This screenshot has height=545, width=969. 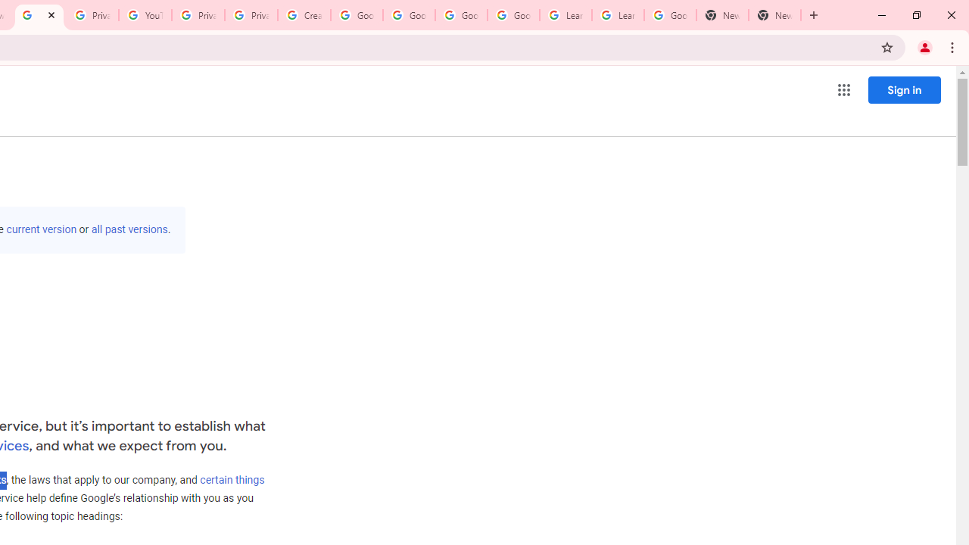 I want to click on 'New Tab', so click(x=775, y=15).